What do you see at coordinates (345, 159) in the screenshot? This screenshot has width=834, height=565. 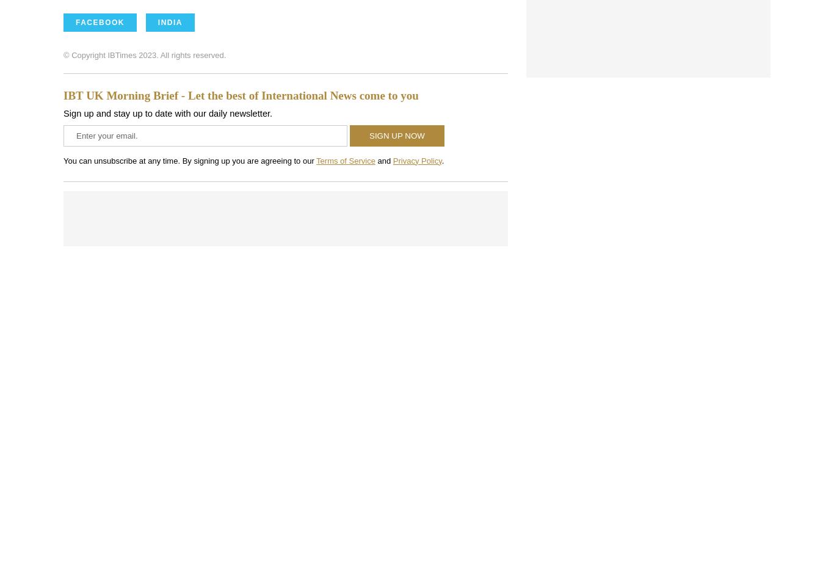 I see `'Terms of Service'` at bounding box center [345, 159].